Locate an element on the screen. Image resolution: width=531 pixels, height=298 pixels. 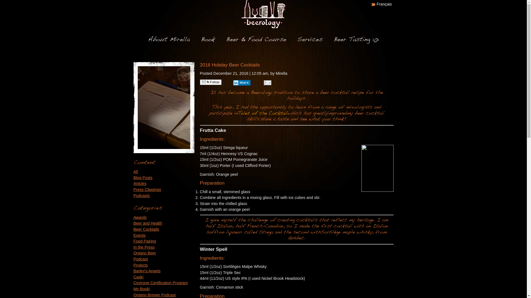
'Email' is located at coordinates (263, 83).